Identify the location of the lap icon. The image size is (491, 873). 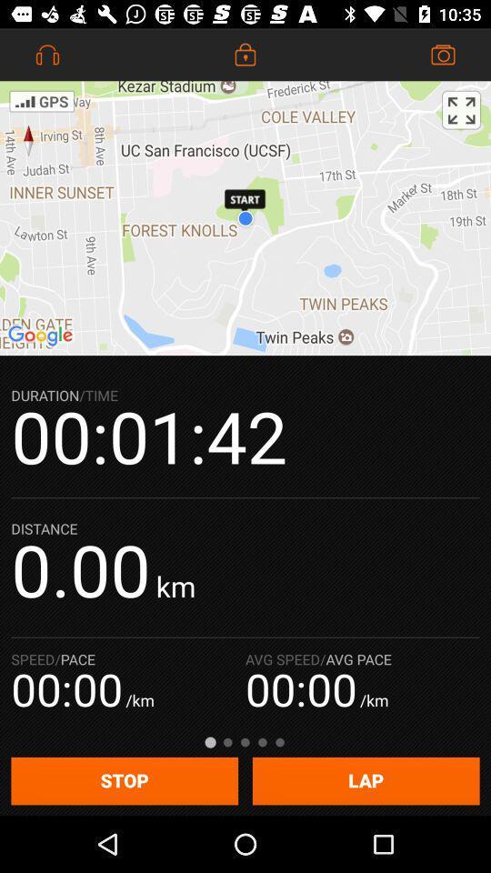
(366, 780).